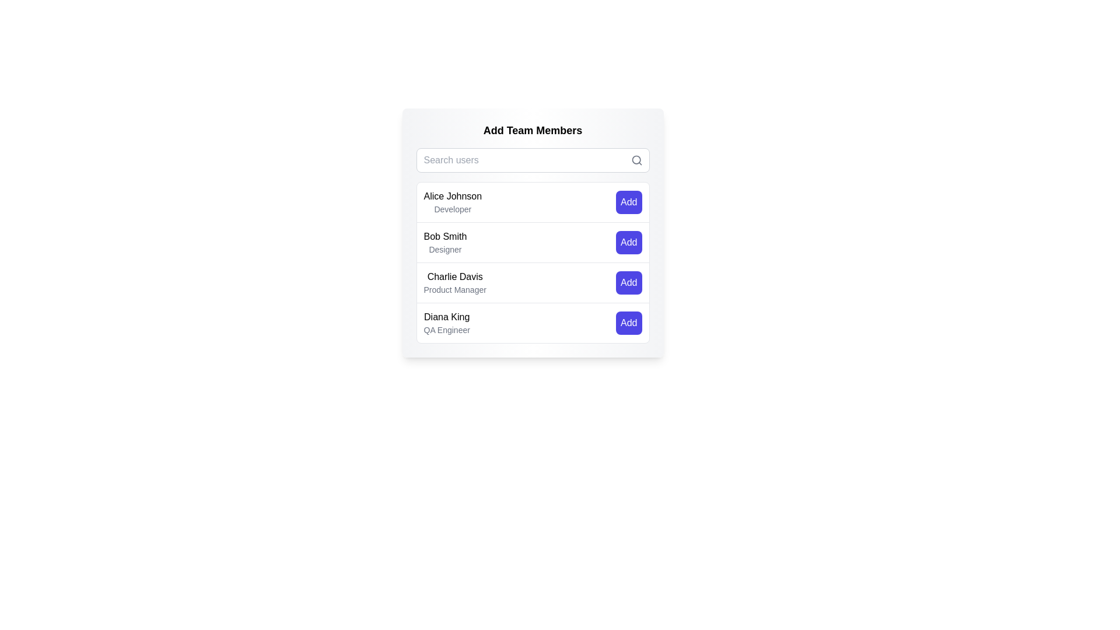 The height and width of the screenshot is (630, 1120). Describe the element at coordinates (444, 242) in the screenshot. I see `designation of the informational label displaying 'Bob Smith' as the name and 'Designer' as the subtitle, located in the second item of the list under the 'Add Team Members' heading` at that location.